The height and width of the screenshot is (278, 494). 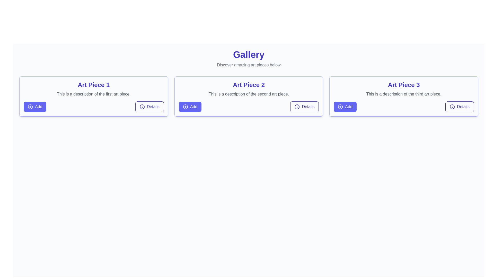 I want to click on the circular 'Add' icon with a plus symbol, located on the left-hand side of the 'Add' button in the middle card labeled 'Art Piece 2', so click(x=185, y=107).